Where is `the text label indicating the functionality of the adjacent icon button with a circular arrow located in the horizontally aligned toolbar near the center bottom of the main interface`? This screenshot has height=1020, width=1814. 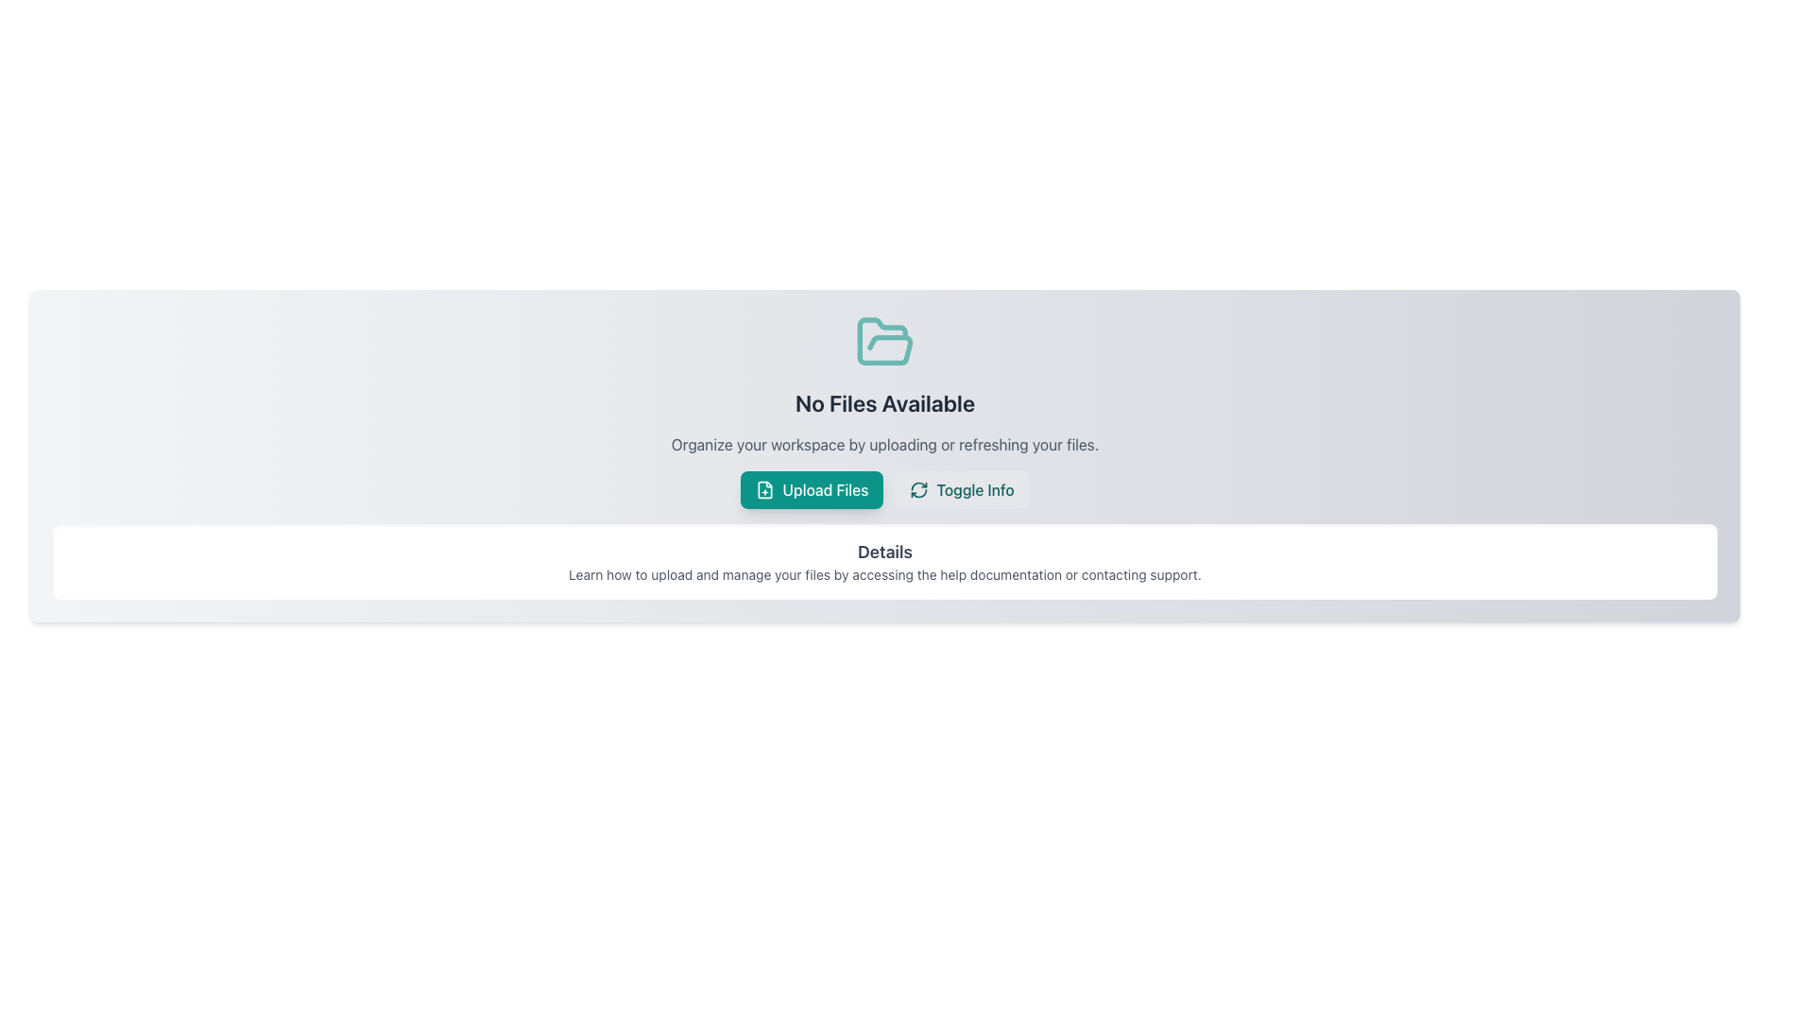 the text label indicating the functionality of the adjacent icon button with a circular arrow located in the horizontally aligned toolbar near the center bottom of the main interface is located at coordinates (975, 489).